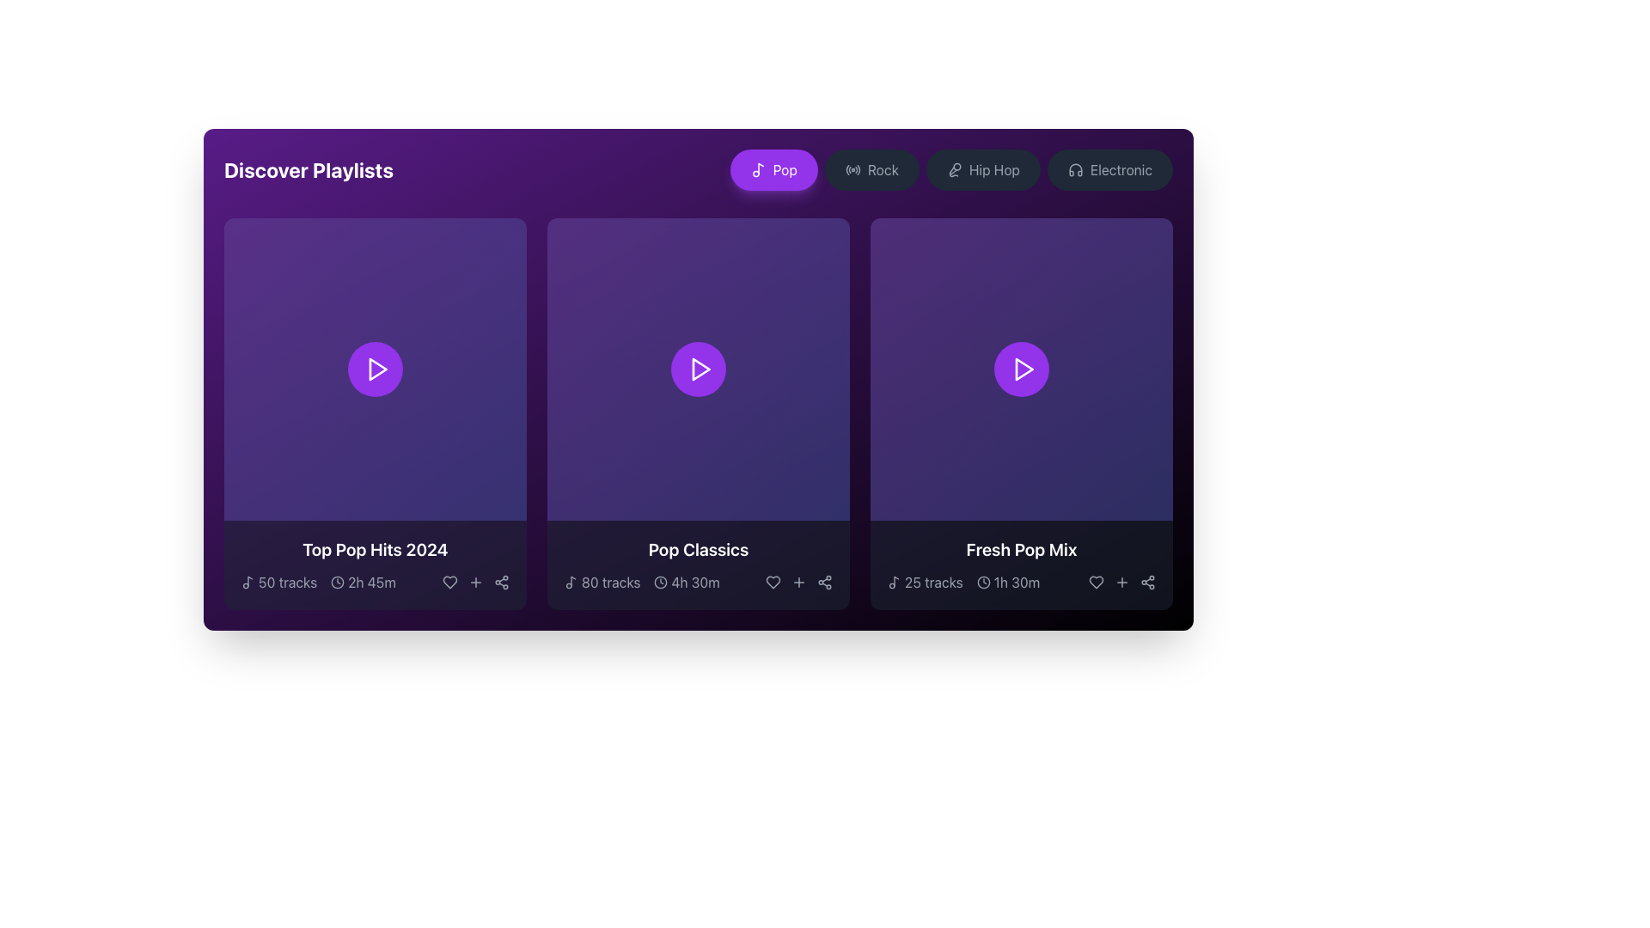 The image size is (1650, 928). What do you see at coordinates (376, 368) in the screenshot?
I see `the play button icon located at the center of the 'Top Pop Hits 2024' playlist card` at bounding box center [376, 368].